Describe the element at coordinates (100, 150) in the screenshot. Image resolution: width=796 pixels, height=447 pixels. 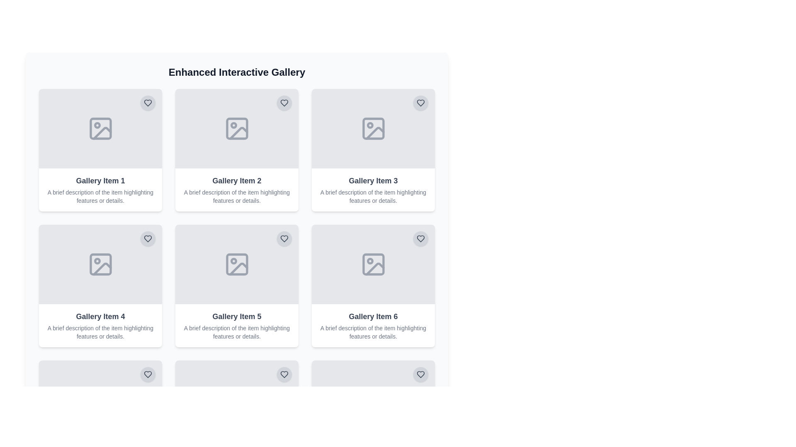
I see `the first card in the gallery` at that location.